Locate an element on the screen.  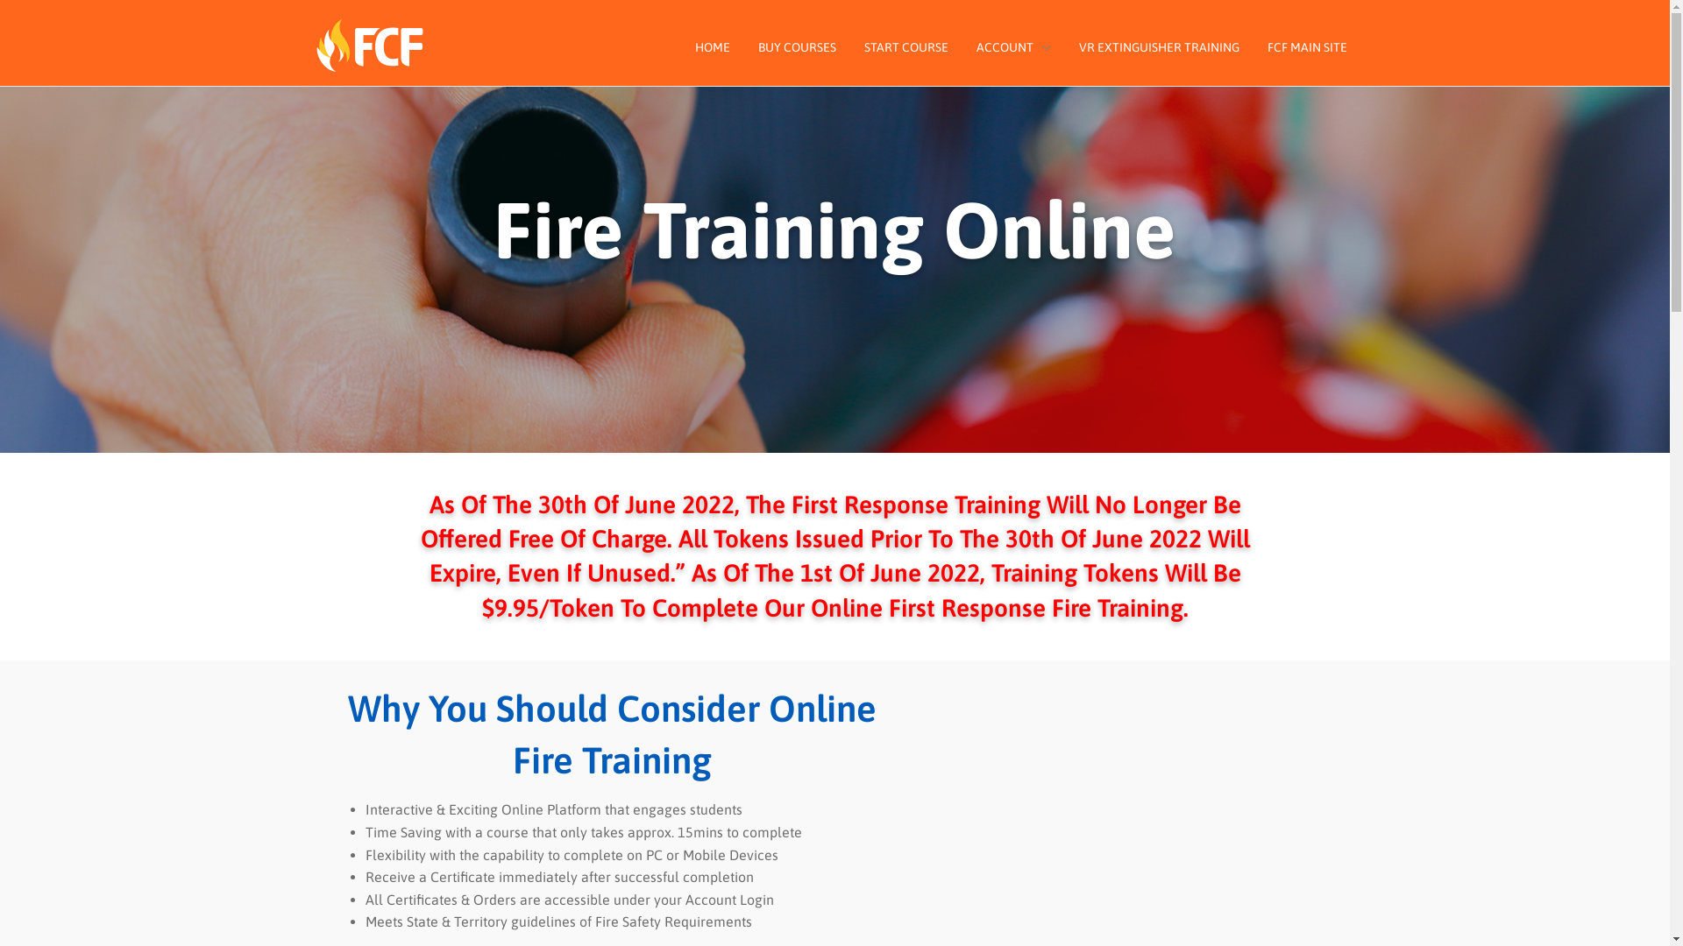
'VR EXTINGUISHER TRAINING' is located at coordinates (1158, 46).